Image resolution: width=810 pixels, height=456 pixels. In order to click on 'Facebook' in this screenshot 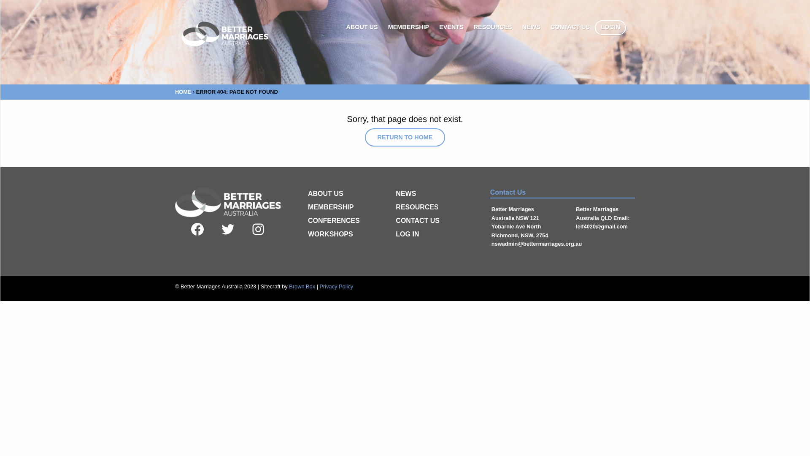, I will do `click(197, 229)`.